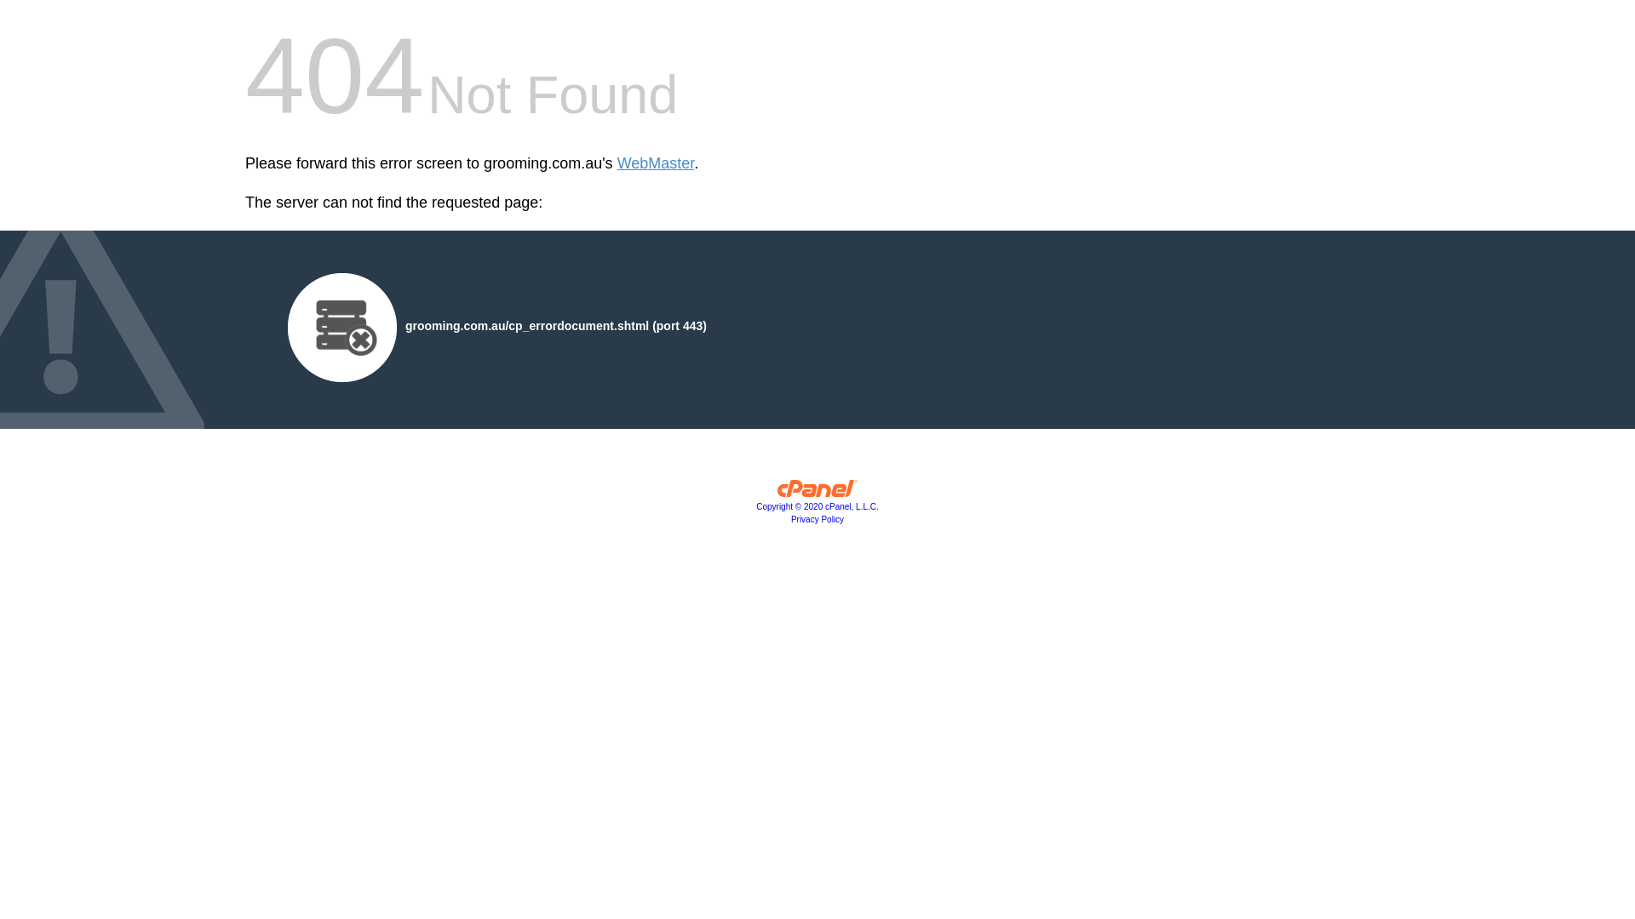 The width and height of the screenshot is (1635, 919). I want to click on 'Privacy Policy', so click(817, 518).